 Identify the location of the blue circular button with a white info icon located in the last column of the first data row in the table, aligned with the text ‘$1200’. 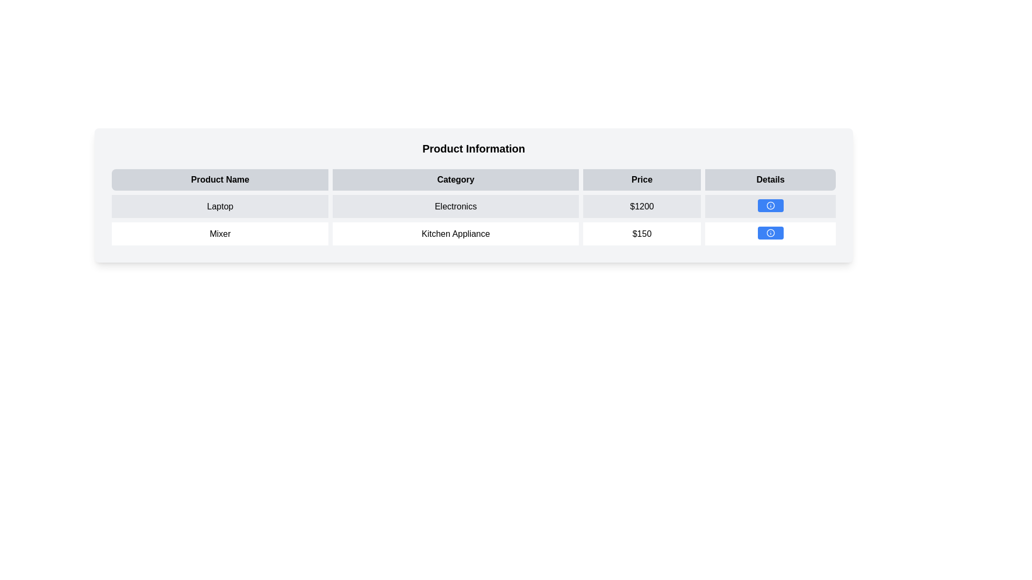
(770, 206).